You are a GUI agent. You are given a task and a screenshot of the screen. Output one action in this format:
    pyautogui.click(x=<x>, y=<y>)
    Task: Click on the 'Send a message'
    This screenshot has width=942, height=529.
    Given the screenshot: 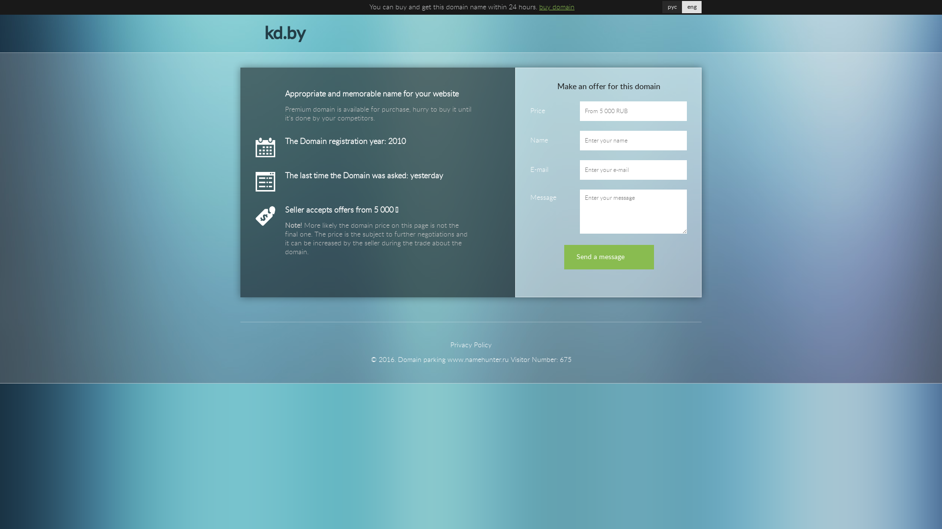 What is the action you would take?
    pyautogui.click(x=608, y=256)
    